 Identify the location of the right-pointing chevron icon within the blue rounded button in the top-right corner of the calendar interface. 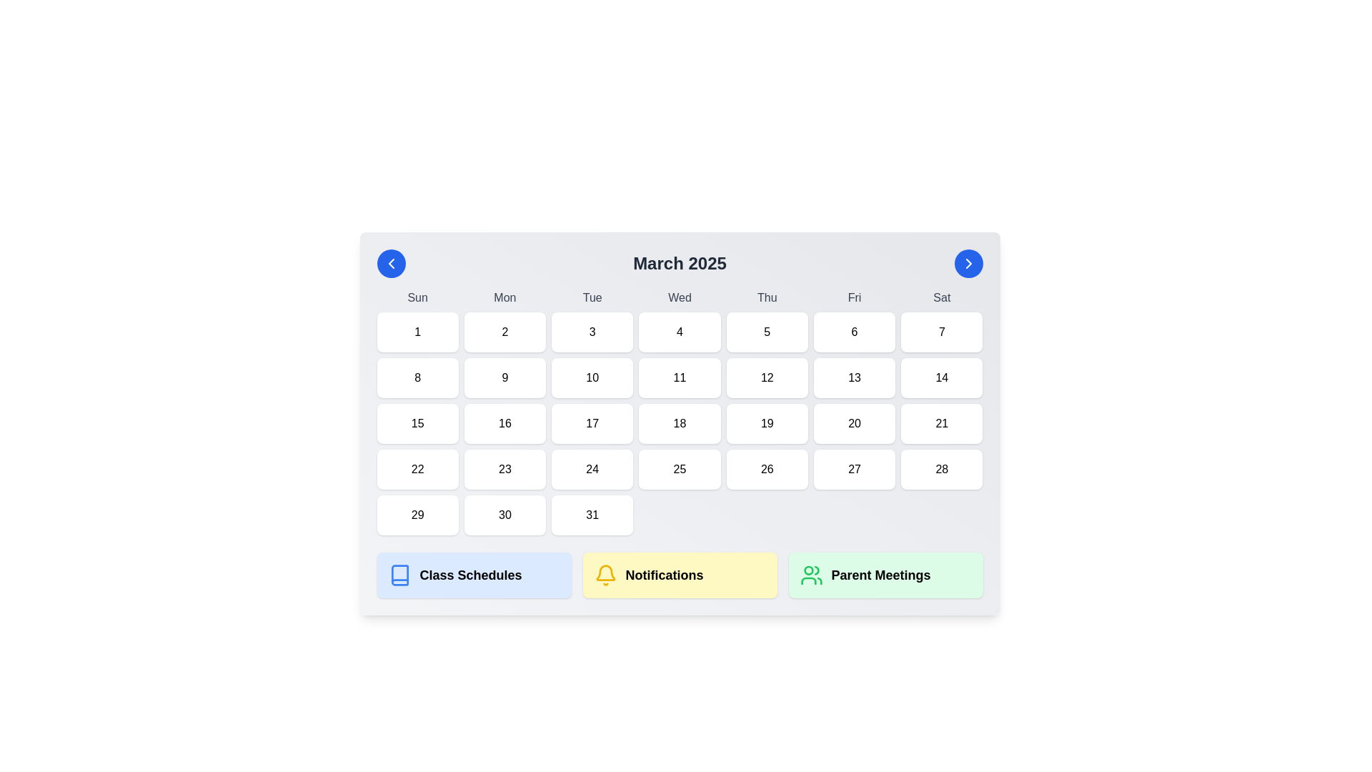
(968, 264).